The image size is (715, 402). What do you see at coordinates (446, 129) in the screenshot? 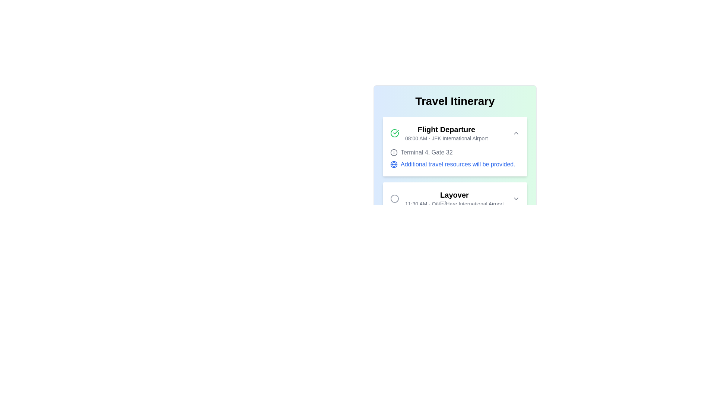
I see `text label 'Flight Departure' at the top of the travel itinerary card` at bounding box center [446, 129].